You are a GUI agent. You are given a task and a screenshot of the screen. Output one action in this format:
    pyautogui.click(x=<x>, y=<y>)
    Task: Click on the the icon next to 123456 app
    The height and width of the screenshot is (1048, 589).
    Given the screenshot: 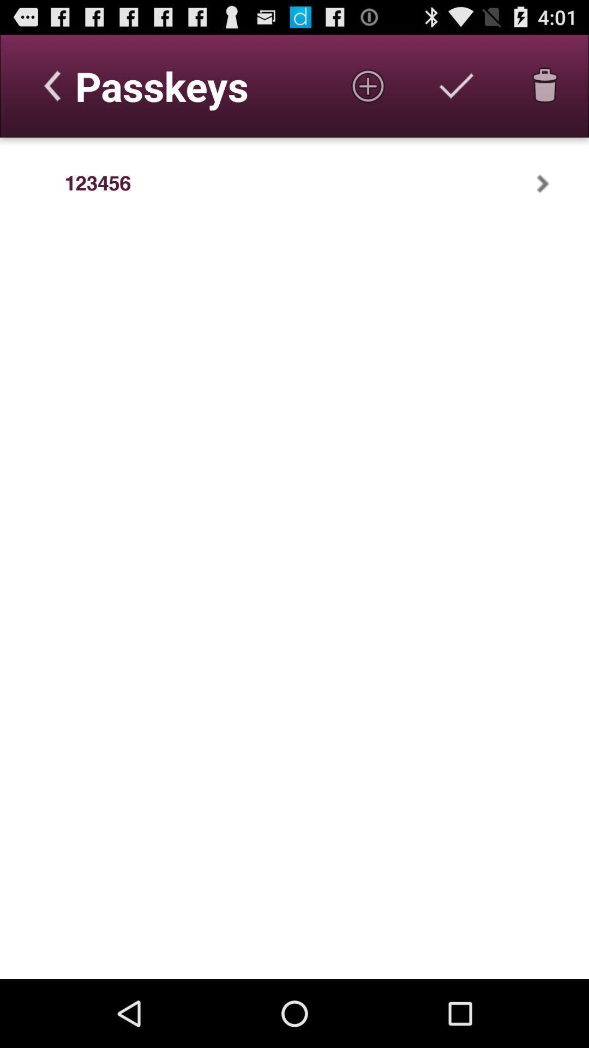 What is the action you would take?
    pyautogui.click(x=557, y=183)
    